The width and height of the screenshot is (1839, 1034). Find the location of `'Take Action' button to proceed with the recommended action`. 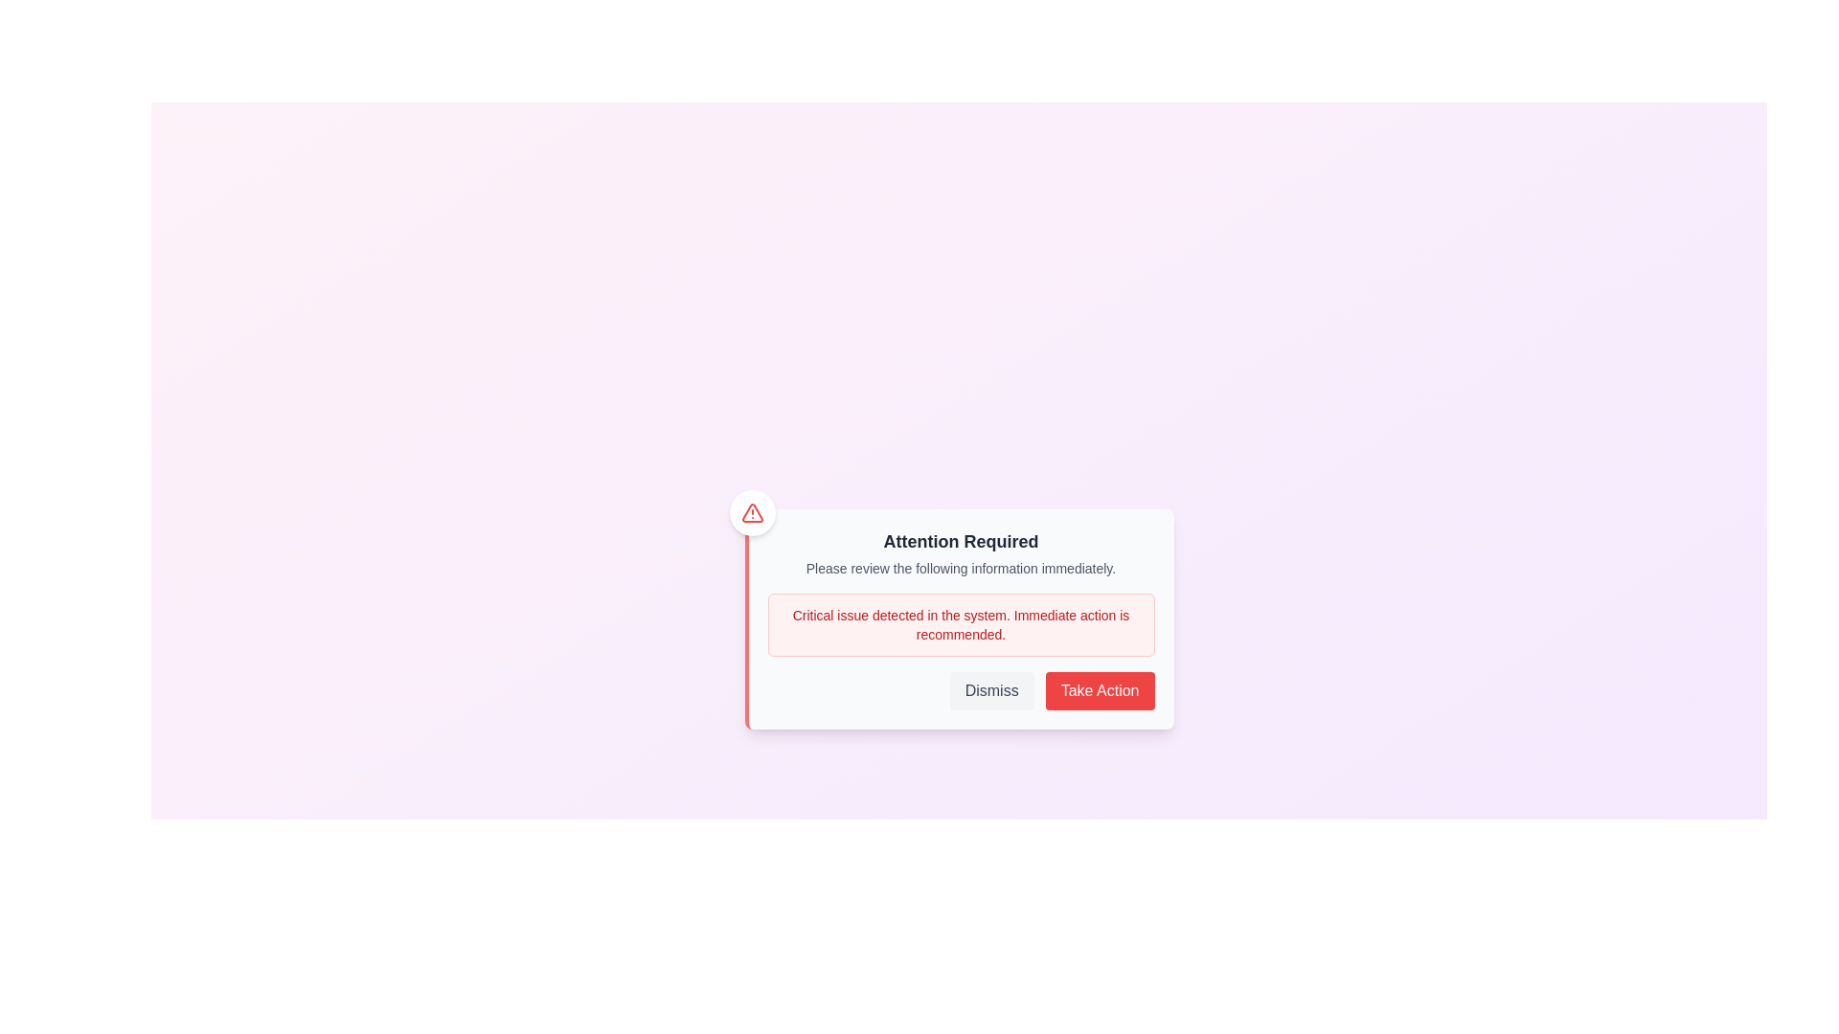

'Take Action' button to proceed with the recommended action is located at coordinates (1100, 690).